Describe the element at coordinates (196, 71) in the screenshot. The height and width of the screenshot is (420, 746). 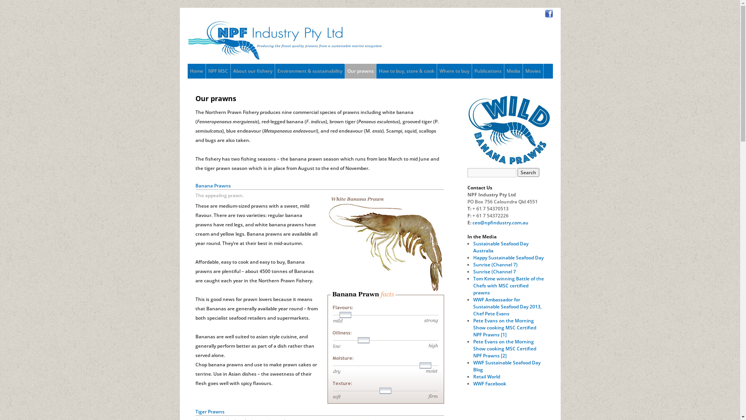
I see `'Home'` at that location.